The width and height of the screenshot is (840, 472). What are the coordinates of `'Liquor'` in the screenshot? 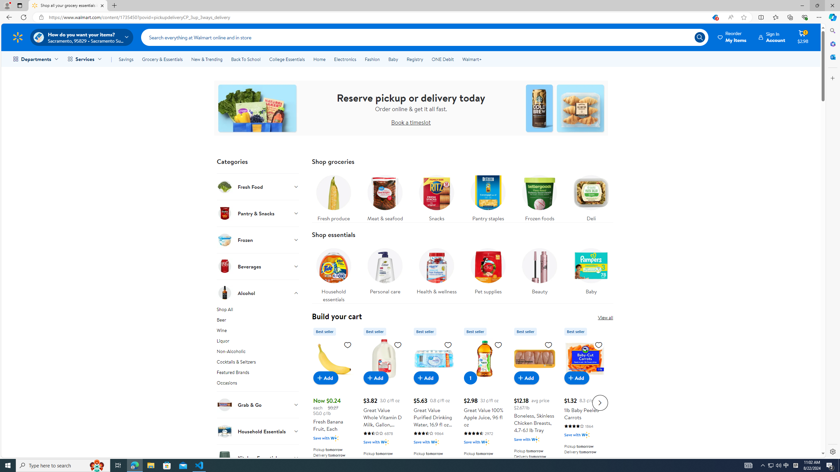 It's located at (257, 342).